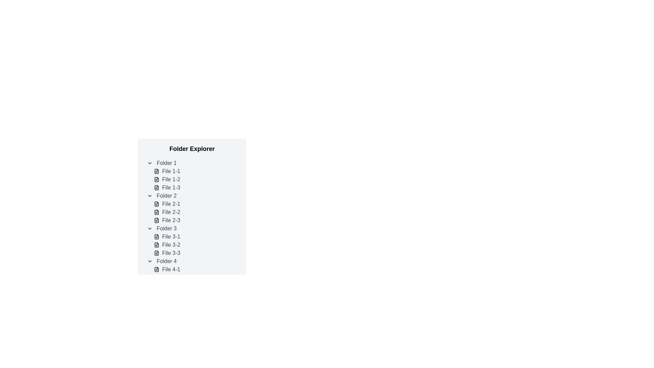 The height and width of the screenshot is (368, 654). Describe the element at coordinates (156, 171) in the screenshot. I see `the icon representing 'File 1-1' in the folder explorer panel under 'Folder 1', which visually appears as a document or text file` at that location.